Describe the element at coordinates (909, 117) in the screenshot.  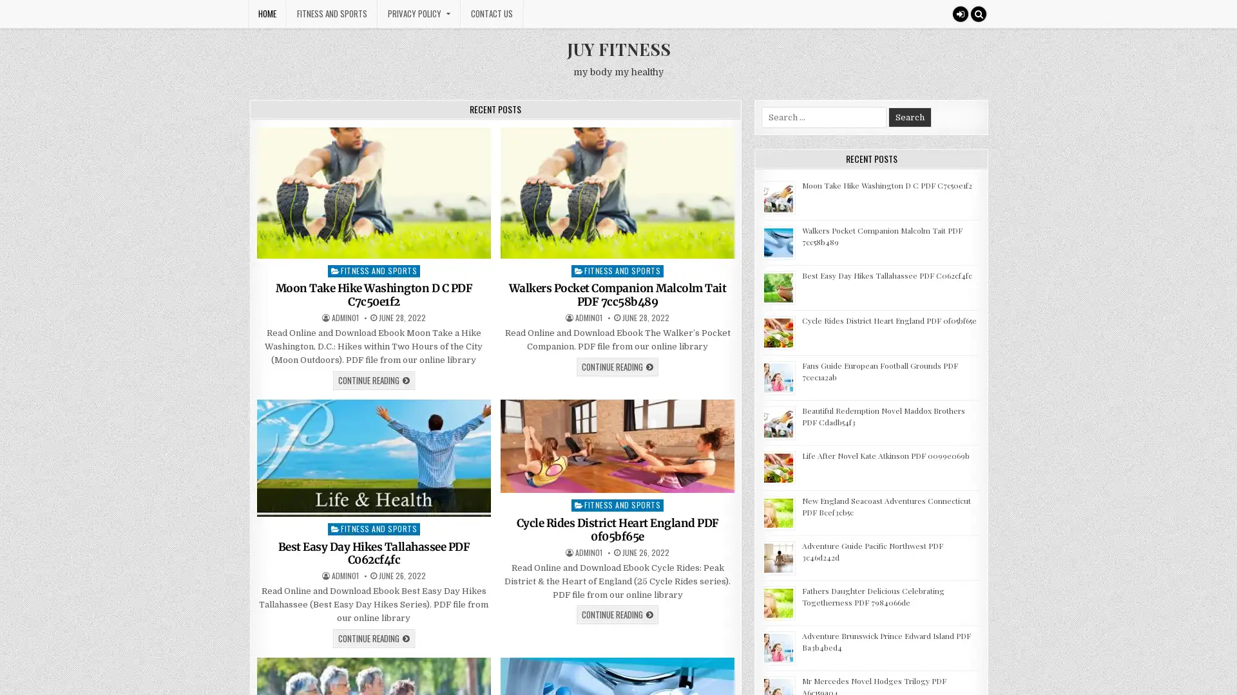
I see `Search` at that location.